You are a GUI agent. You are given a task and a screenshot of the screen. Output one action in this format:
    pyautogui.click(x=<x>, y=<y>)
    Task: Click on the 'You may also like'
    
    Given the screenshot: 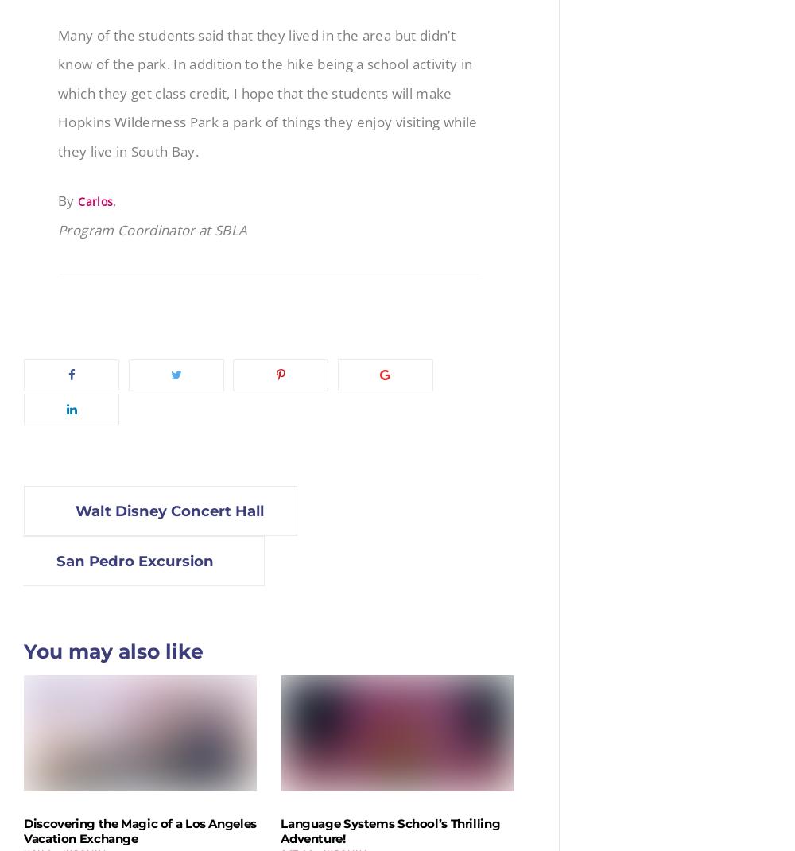 What is the action you would take?
    pyautogui.click(x=114, y=651)
    